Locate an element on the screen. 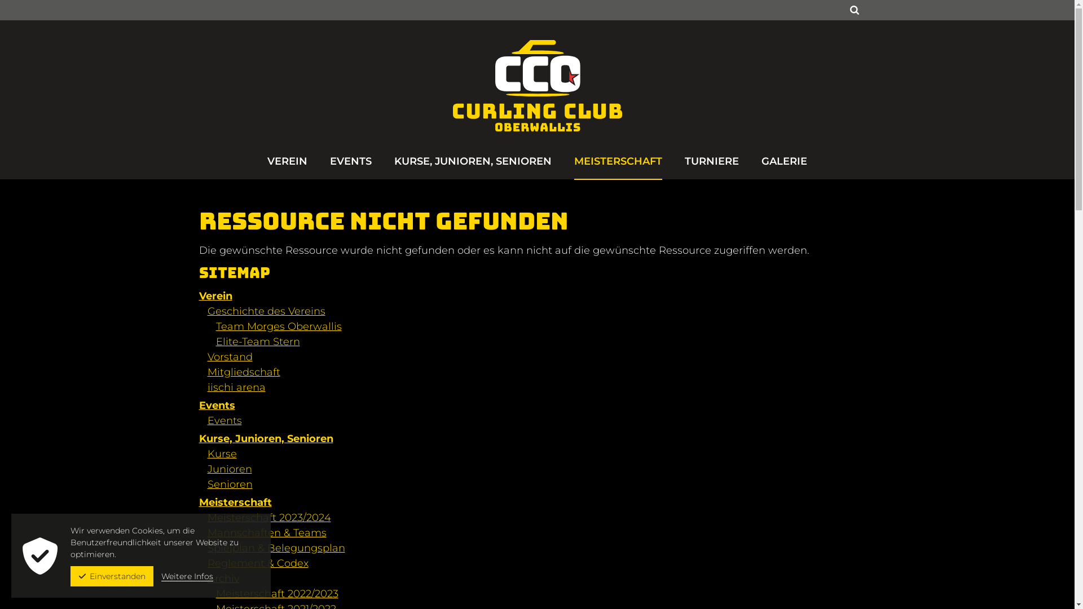 Image resolution: width=1083 pixels, height=609 pixels. 'Senioren' is located at coordinates (230, 484).